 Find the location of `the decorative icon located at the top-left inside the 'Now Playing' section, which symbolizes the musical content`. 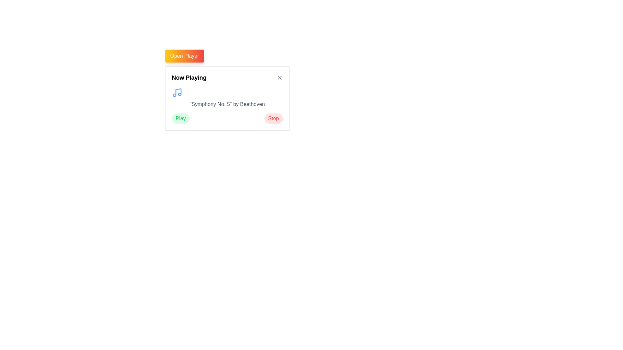

the decorative icon located at the top-left inside the 'Now Playing' section, which symbolizes the musical content is located at coordinates (177, 92).